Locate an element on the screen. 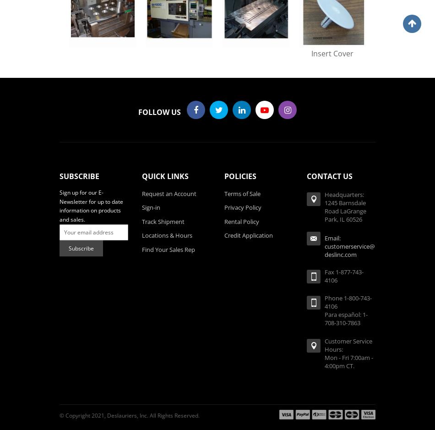  'Insert Cover' is located at coordinates (311, 52).